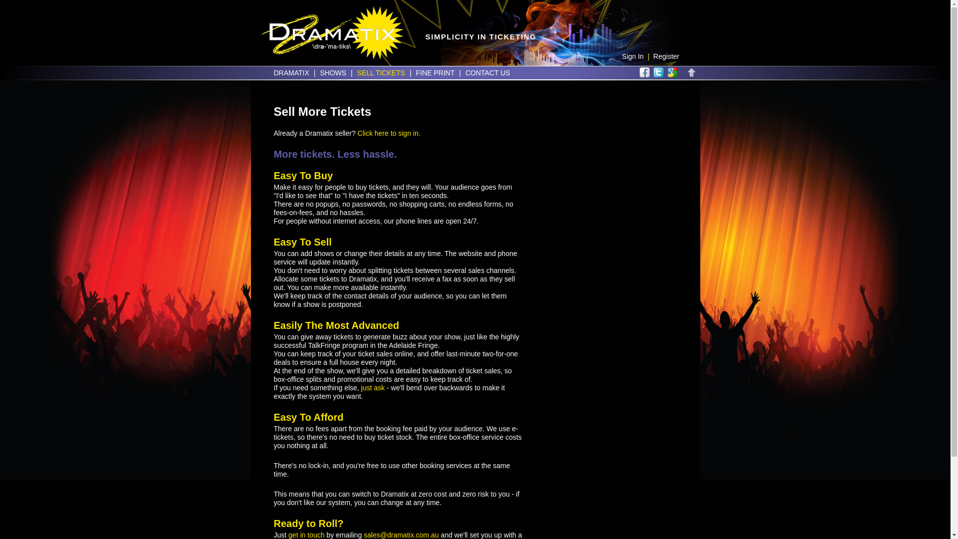 This screenshot has width=958, height=539. I want to click on 'Register', so click(666, 56).